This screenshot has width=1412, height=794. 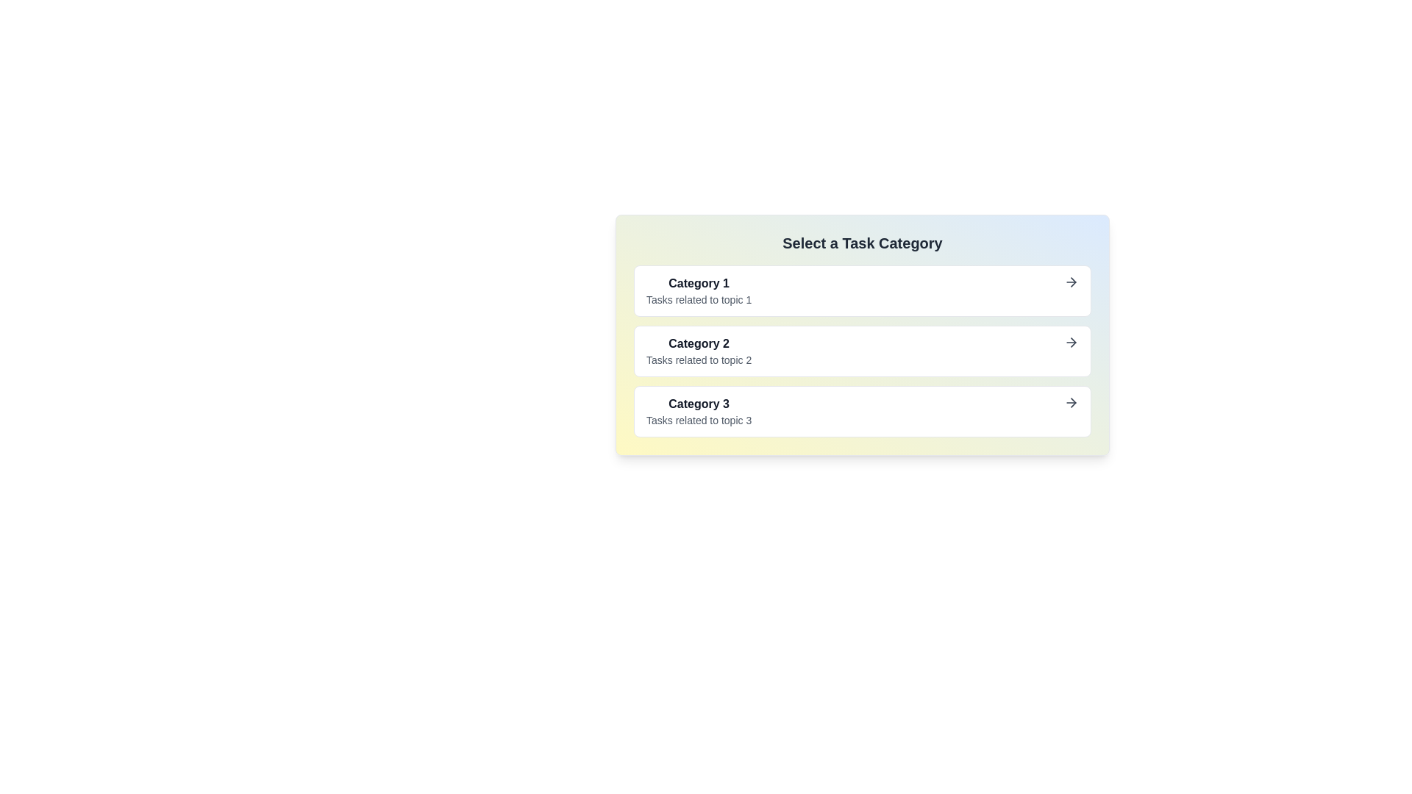 What do you see at coordinates (698, 291) in the screenshot?
I see `information displayed in the text label representing 'Category 1' with the description 'Tasks related to topic 1', located in the first card under 'Select a Task Category'` at bounding box center [698, 291].